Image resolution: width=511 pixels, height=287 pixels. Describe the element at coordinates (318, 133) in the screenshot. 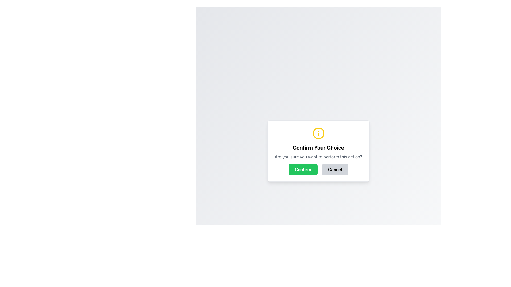

I see `the vector graphics circle that is part of the informational visual cue in the top center of the modal dialog box, which contains a confirmation message` at that location.